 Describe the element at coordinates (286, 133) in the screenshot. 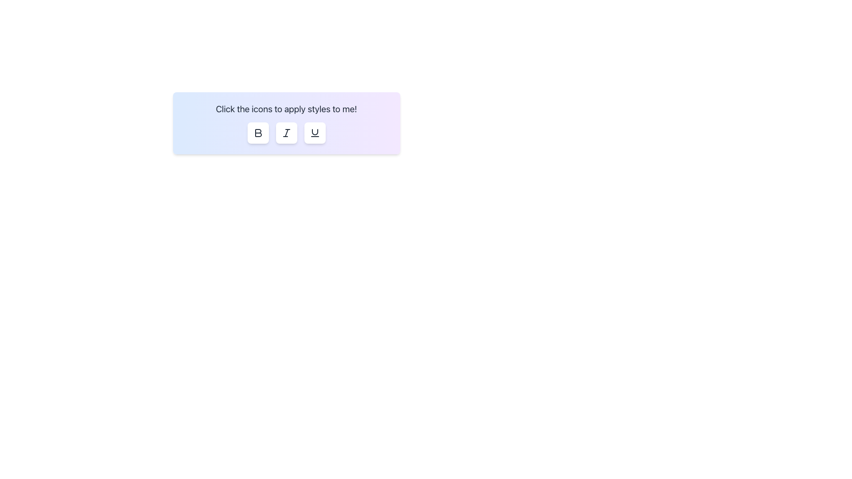

I see `the rectangular button with rounded corners displaying an italicized capital 'I' icon in gray` at that location.